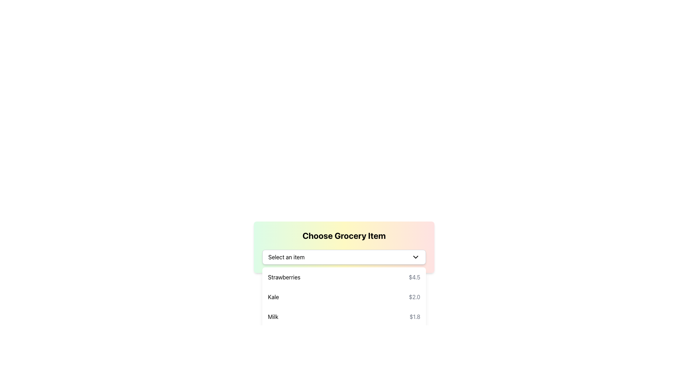 This screenshot has height=381, width=677. I want to click on the price label displaying '$1.8' for the 'Milk' item, which is styled in gray and aligned with other price elements, so click(415, 316).